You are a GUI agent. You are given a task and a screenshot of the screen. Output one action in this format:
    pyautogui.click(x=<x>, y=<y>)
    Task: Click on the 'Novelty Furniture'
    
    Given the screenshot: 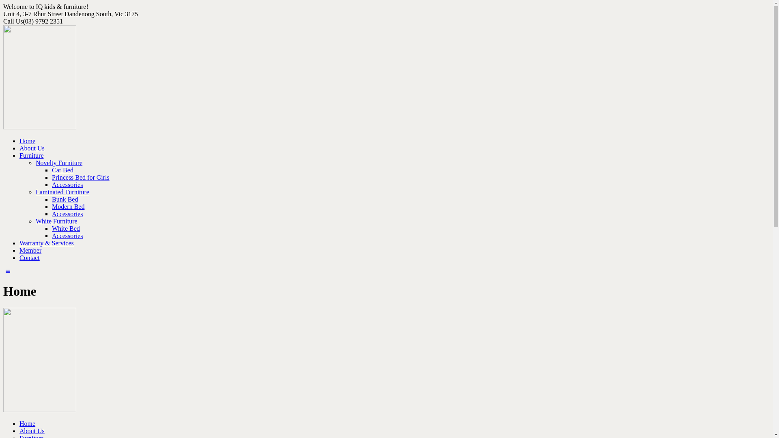 What is the action you would take?
    pyautogui.click(x=35, y=163)
    